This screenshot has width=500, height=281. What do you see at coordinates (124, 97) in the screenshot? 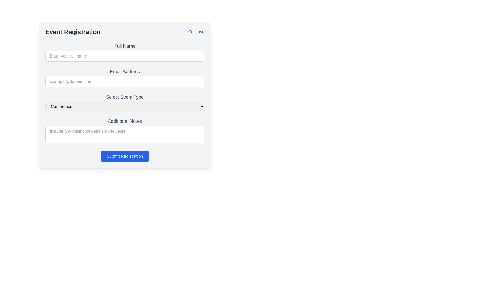
I see `the descriptive label for the dropdown menu instructing the user to select an event type, located directly above the dropdown within the event registration form` at bounding box center [124, 97].